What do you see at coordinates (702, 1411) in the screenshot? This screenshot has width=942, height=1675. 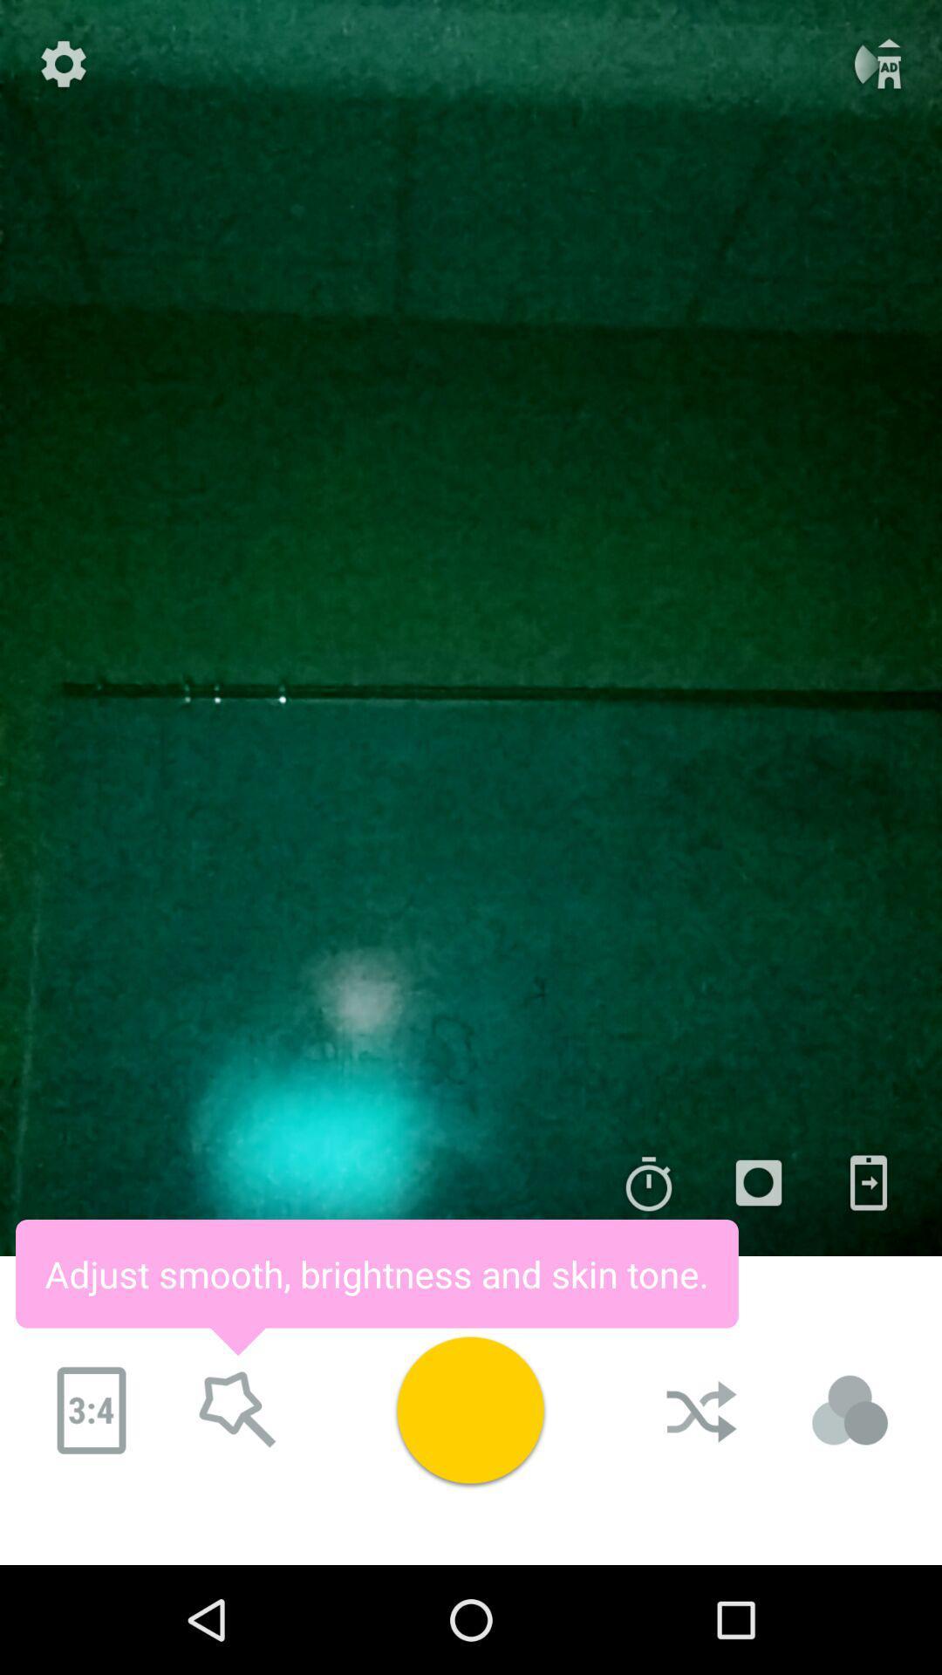 I see `click on shuffle` at bounding box center [702, 1411].